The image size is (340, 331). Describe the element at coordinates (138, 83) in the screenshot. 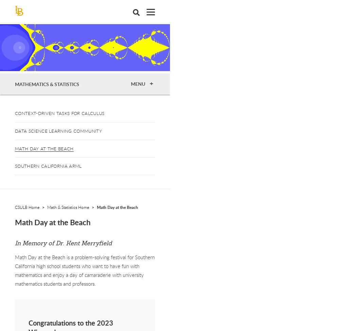

I see `'Menu'` at that location.